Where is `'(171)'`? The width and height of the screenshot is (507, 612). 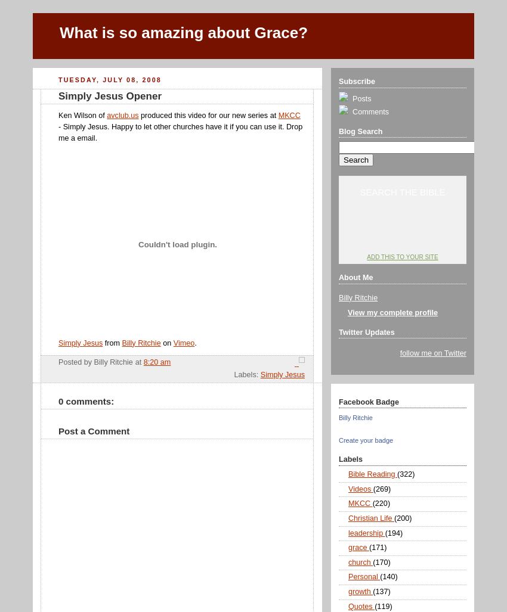 '(171)' is located at coordinates (377, 547).